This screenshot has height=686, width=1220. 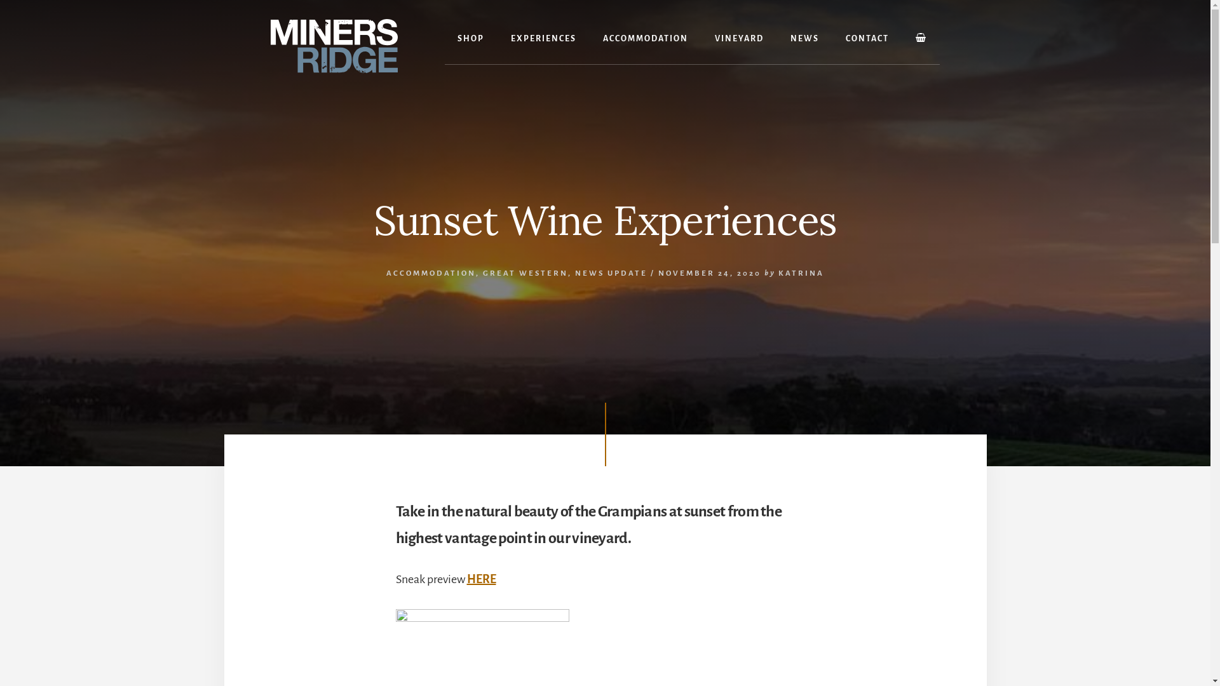 What do you see at coordinates (804, 38) in the screenshot?
I see `'NEWS'` at bounding box center [804, 38].